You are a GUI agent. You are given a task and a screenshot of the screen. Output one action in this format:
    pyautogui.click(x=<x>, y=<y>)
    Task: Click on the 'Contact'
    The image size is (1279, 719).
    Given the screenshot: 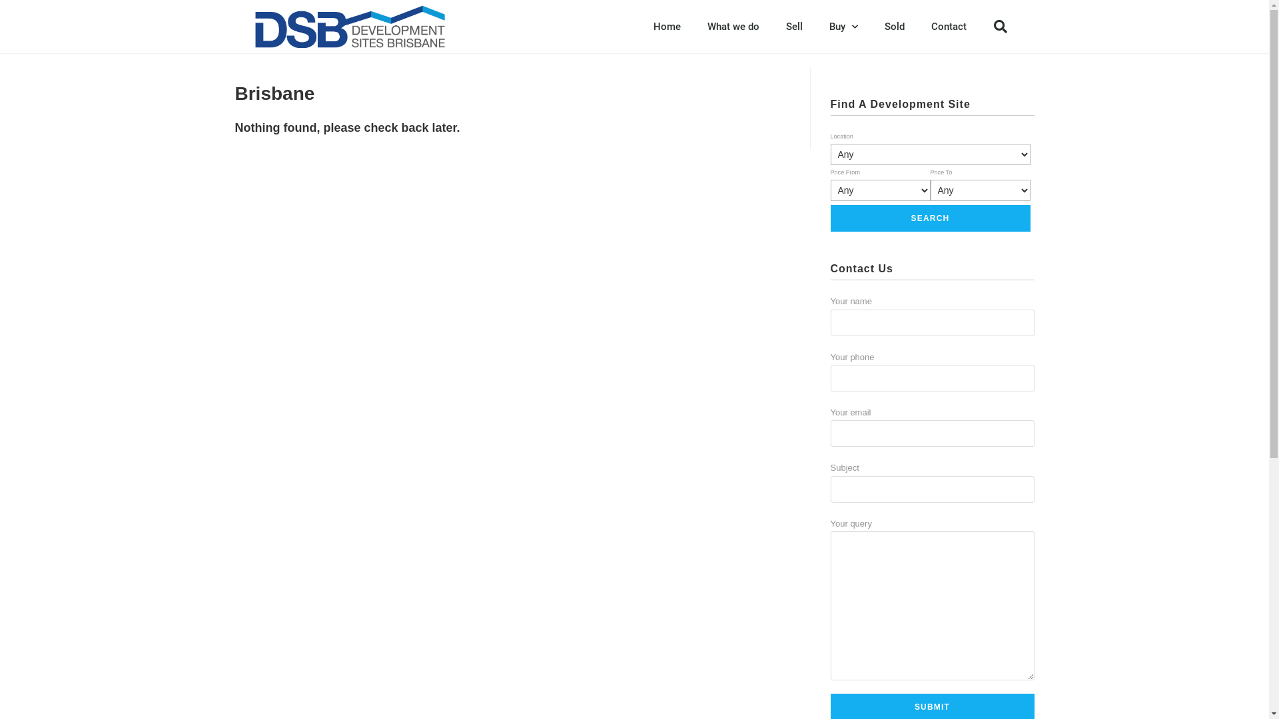 What is the action you would take?
    pyautogui.click(x=948, y=26)
    